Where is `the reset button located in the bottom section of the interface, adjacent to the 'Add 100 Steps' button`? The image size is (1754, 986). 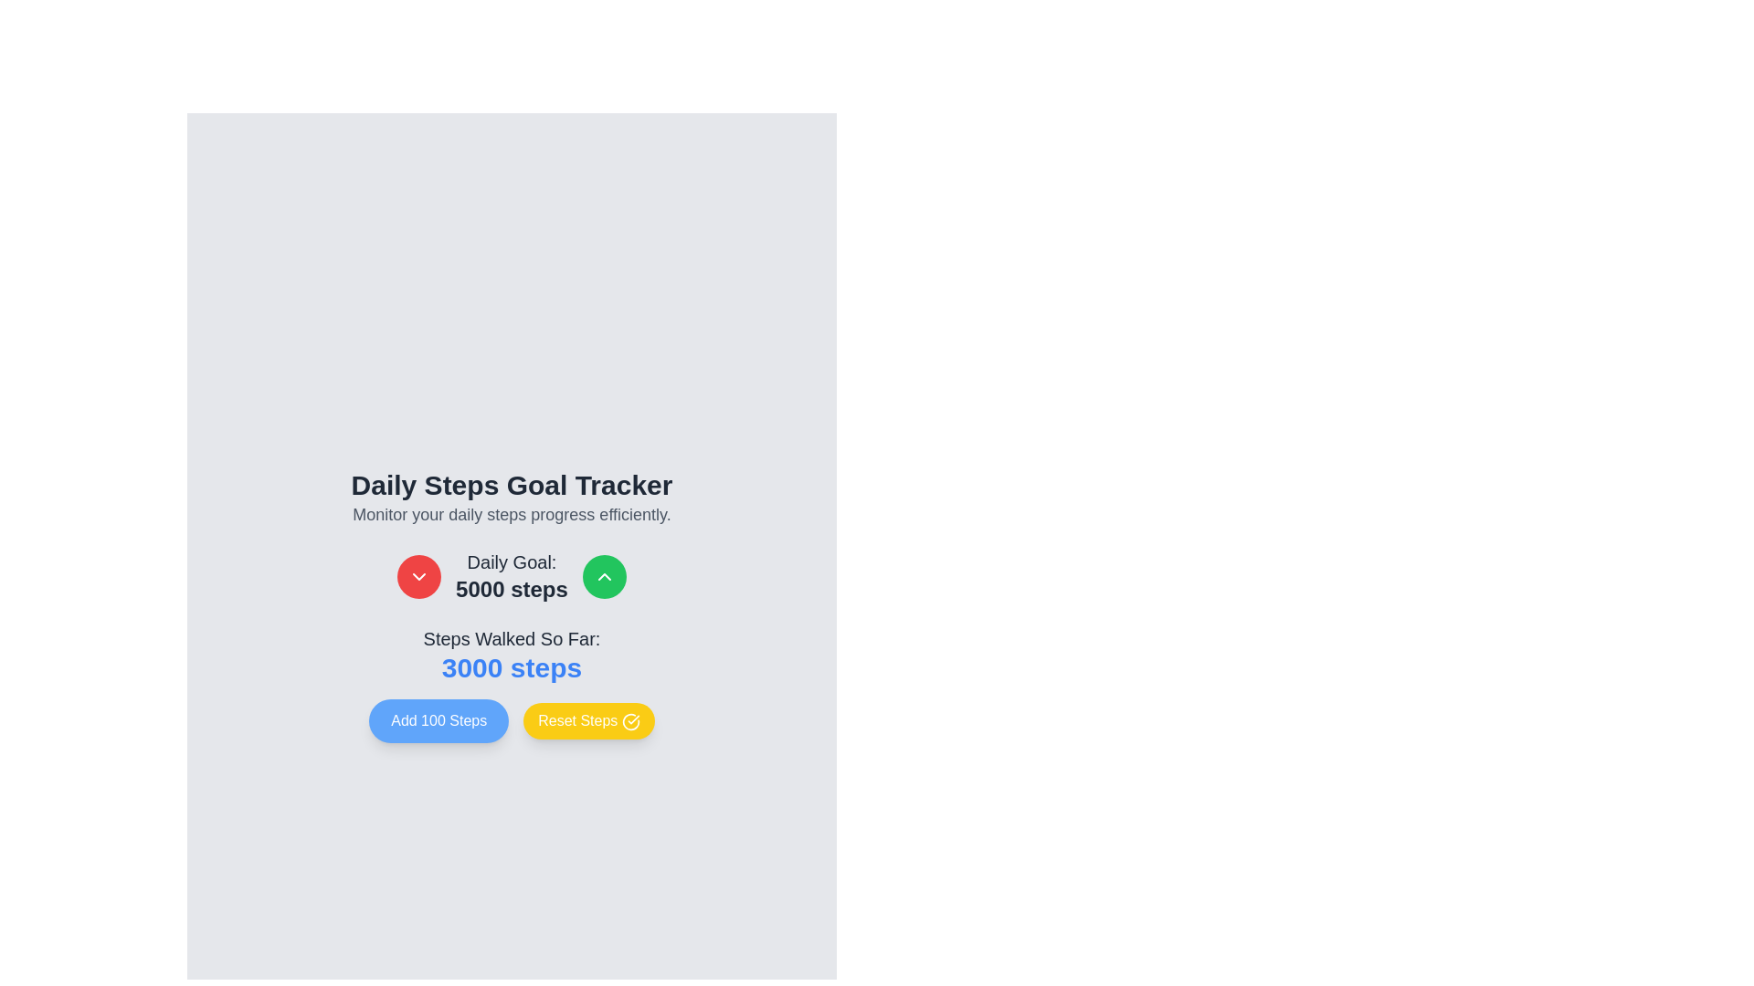
the reset button located in the bottom section of the interface, adjacent to the 'Add 100 Steps' button is located at coordinates (588, 720).